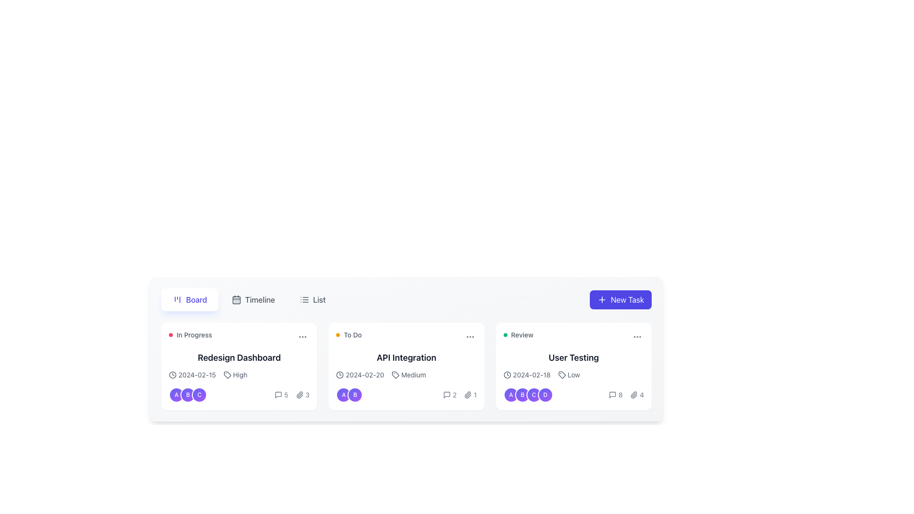 Image resolution: width=914 pixels, height=514 pixels. I want to click on title or description text located at the top-center of the card in the 'Review' column, directly below the green 'Review' tag, so click(573, 358).